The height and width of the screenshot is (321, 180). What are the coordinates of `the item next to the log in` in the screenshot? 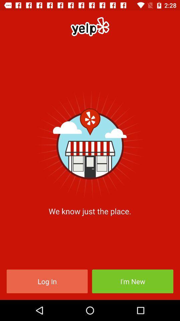 It's located at (133, 281).